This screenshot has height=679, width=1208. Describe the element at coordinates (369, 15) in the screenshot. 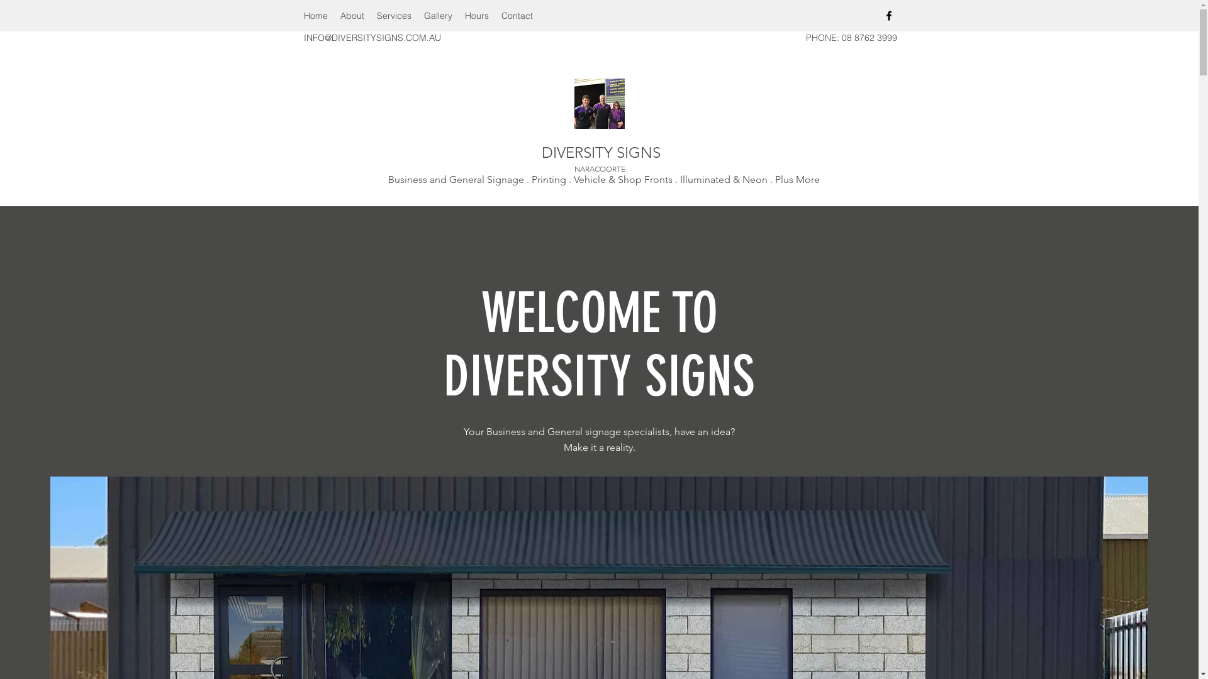

I see `'Services'` at that location.